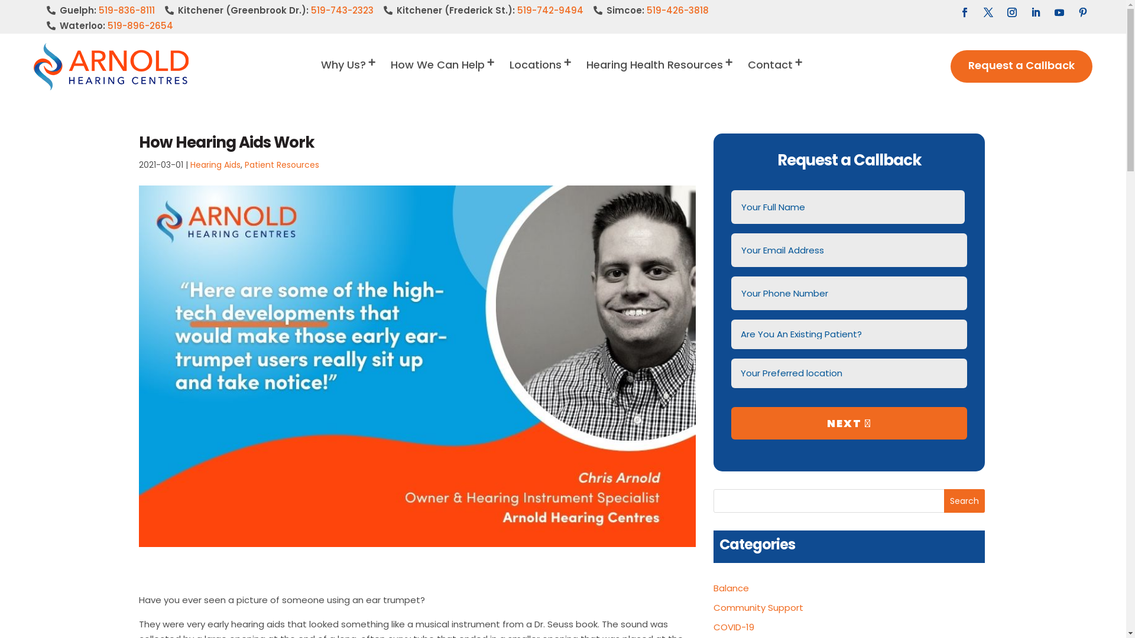  Describe the element at coordinates (1026, 12) in the screenshot. I see `'Follow on LinkedIn'` at that location.